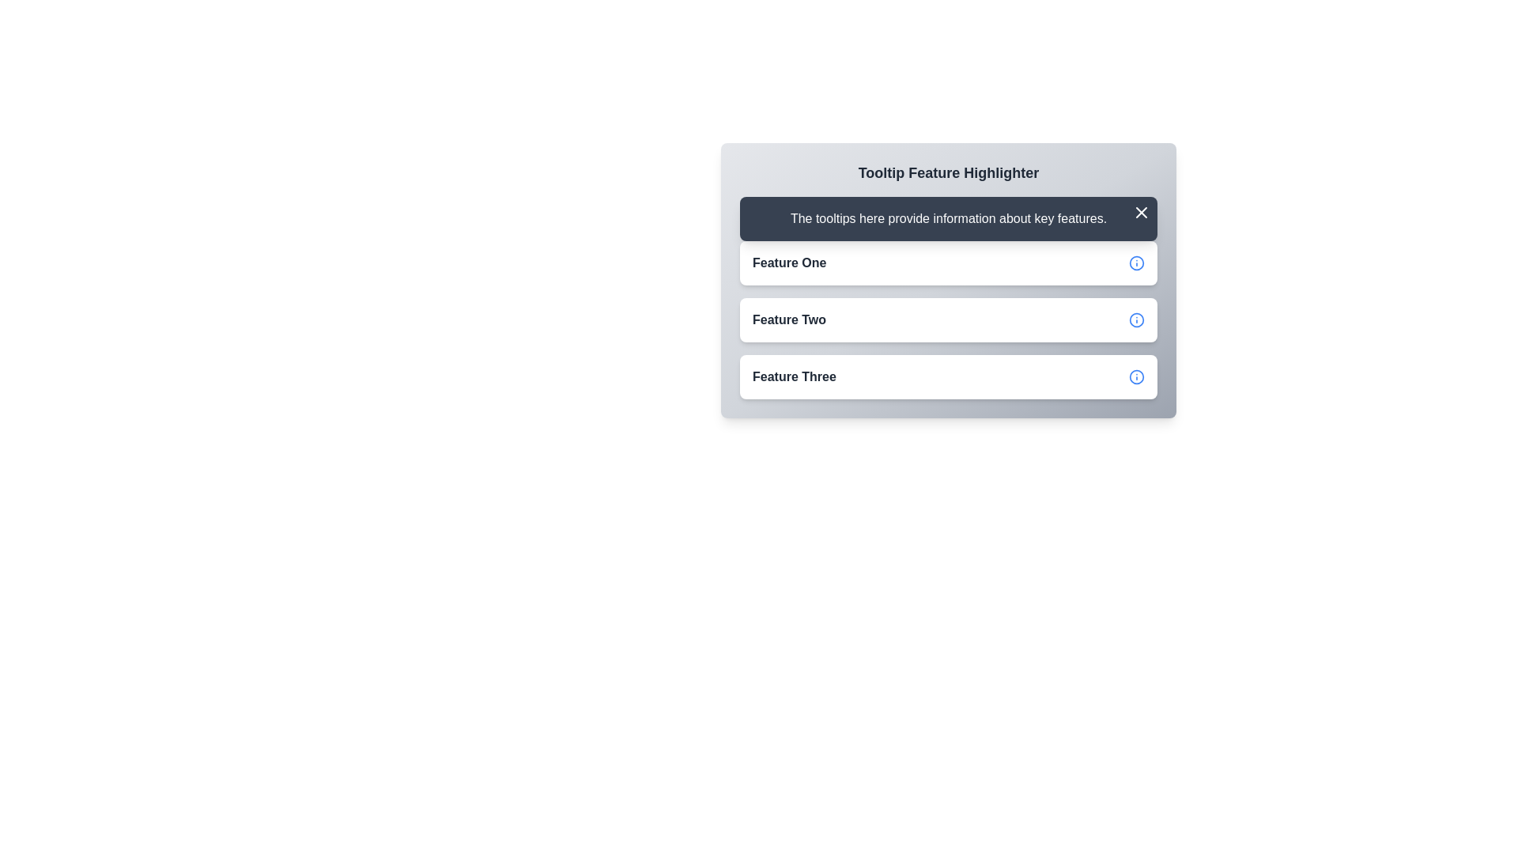 This screenshot has width=1518, height=854. Describe the element at coordinates (794, 377) in the screenshot. I see `the bold text label displaying 'Feature Three' in dark gray color` at that location.